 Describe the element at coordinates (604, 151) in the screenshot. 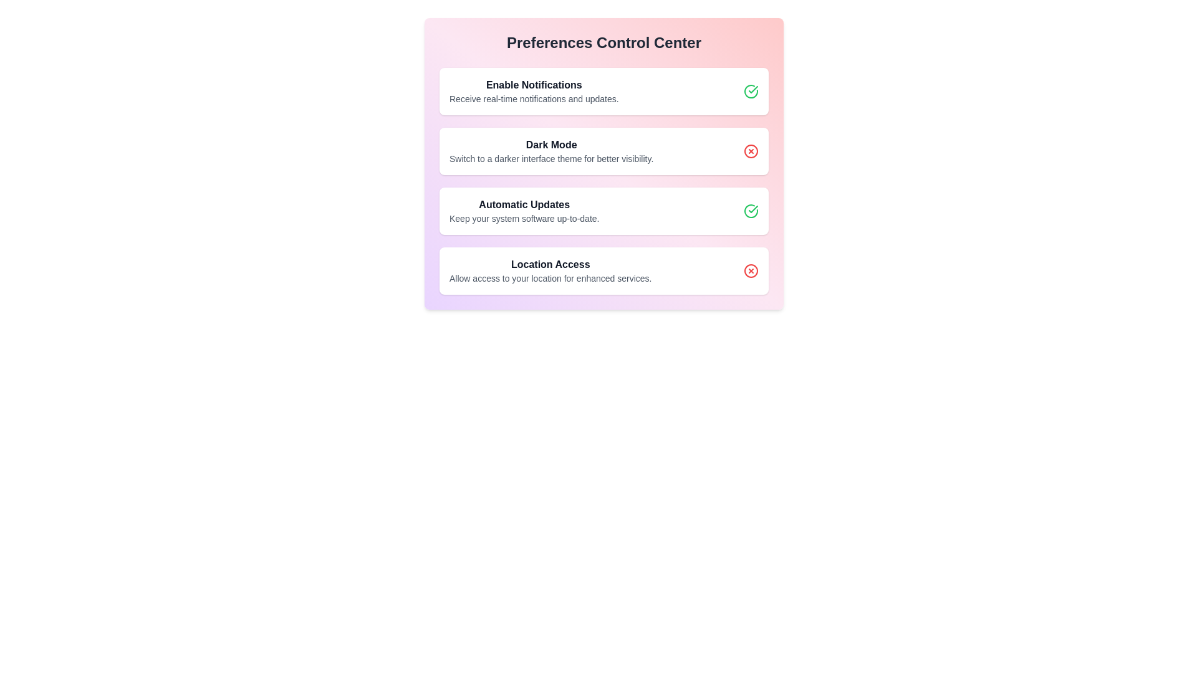

I see `the dark mode toggle option item located in the Preferences Control Center, which is the second item in the vertical list of options` at that location.